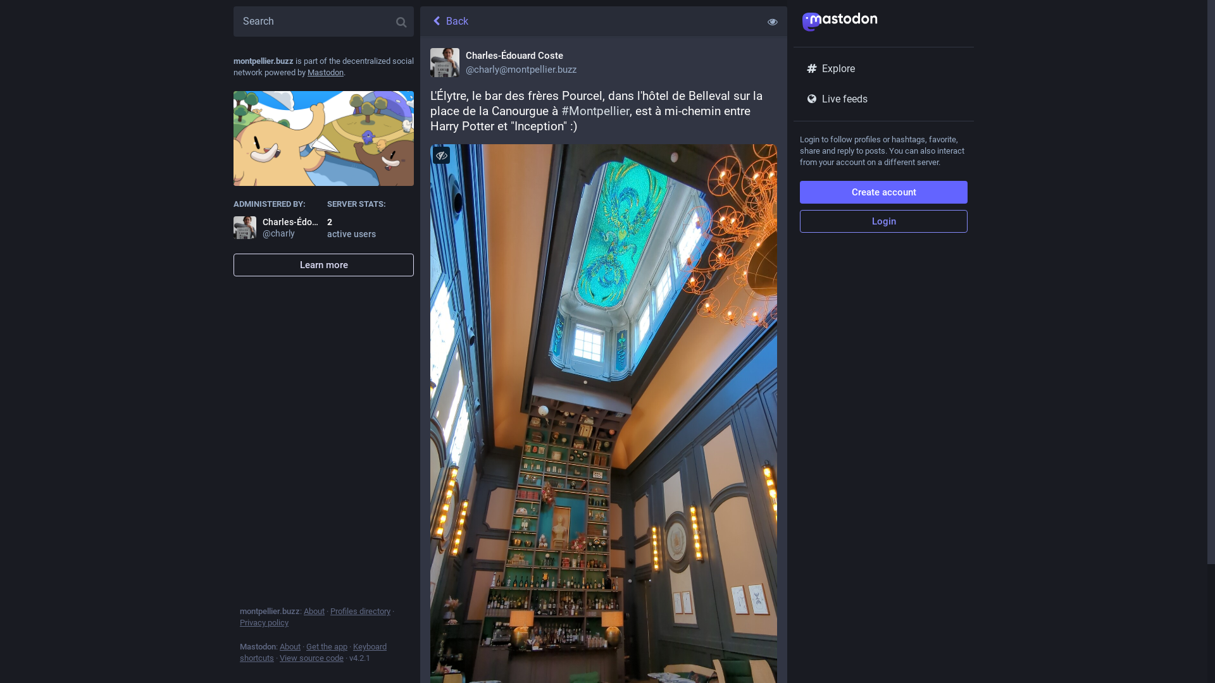 This screenshot has width=1215, height=683. I want to click on 'Get the app', so click(327, 646).